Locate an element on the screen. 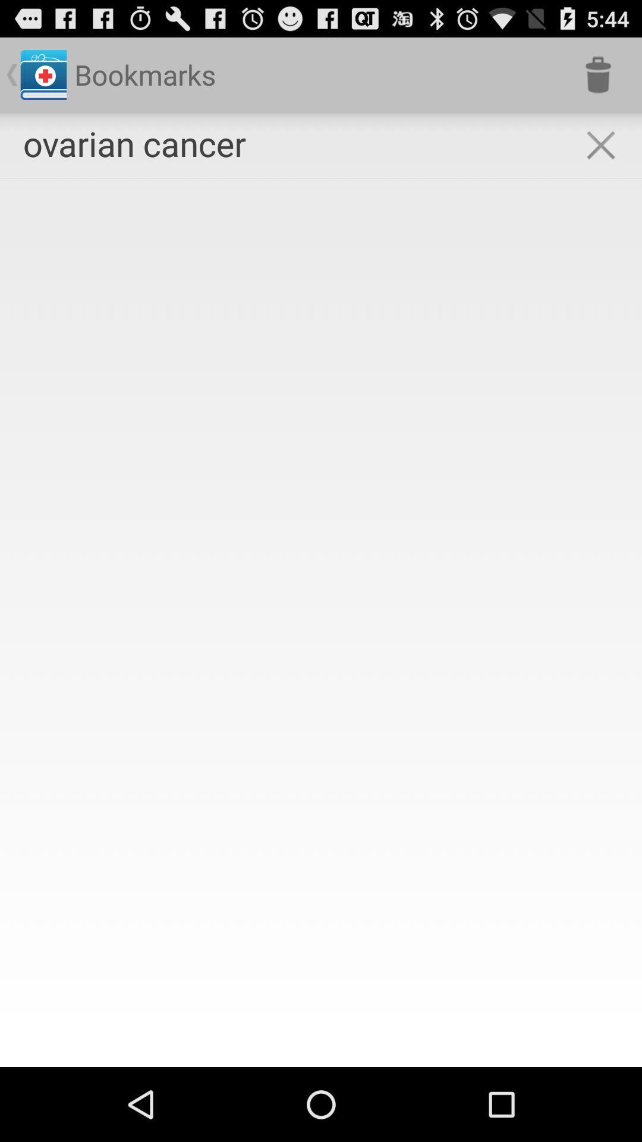  icon to the right of ovarian cancer item is located at coordinates (598, 74).